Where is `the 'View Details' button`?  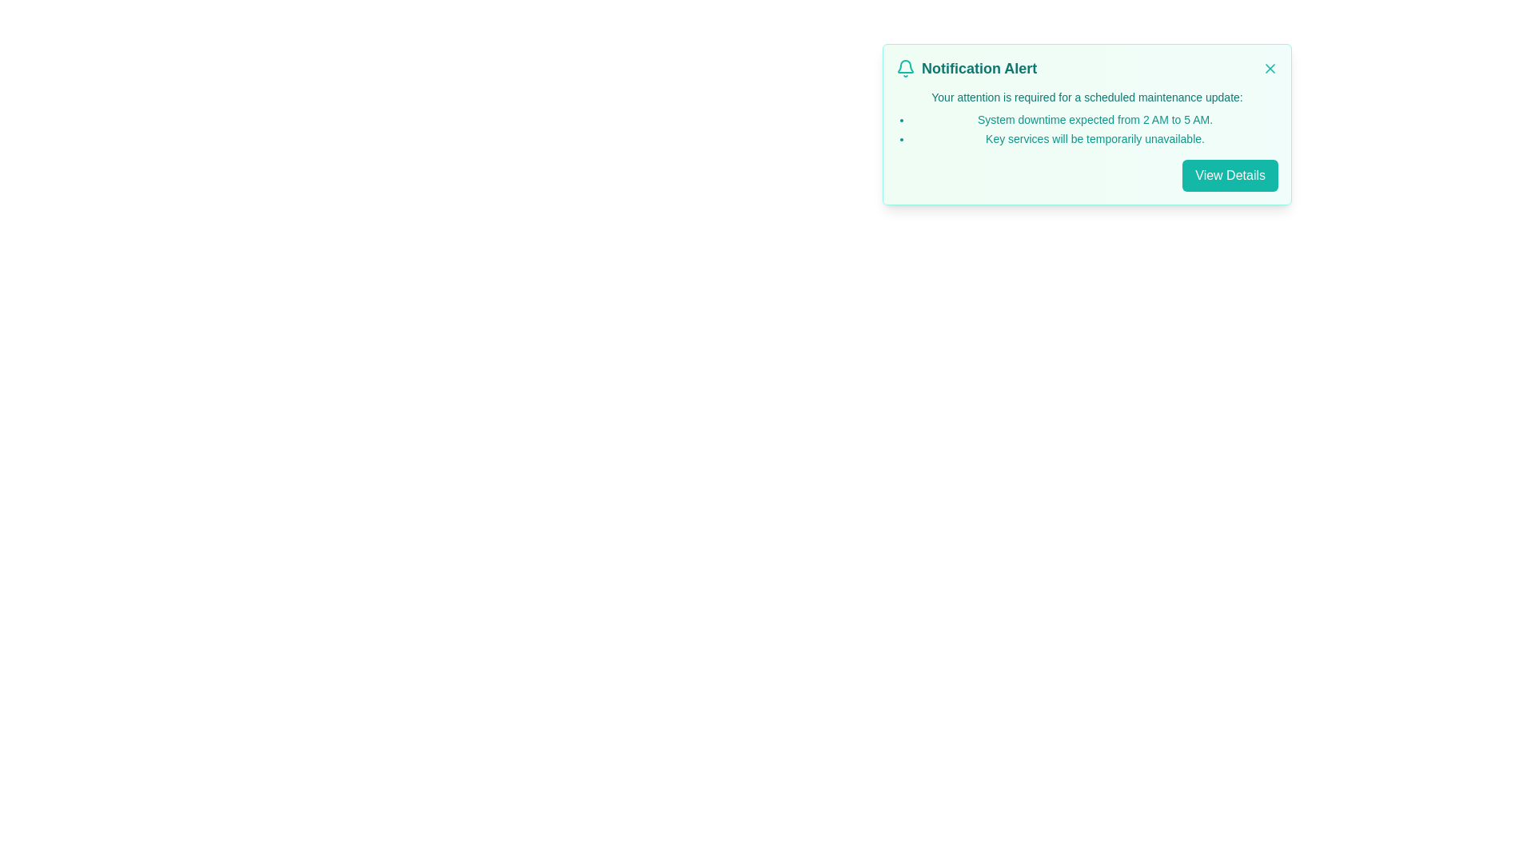
the 'View Details' button is located at coordinates (1230, 175).